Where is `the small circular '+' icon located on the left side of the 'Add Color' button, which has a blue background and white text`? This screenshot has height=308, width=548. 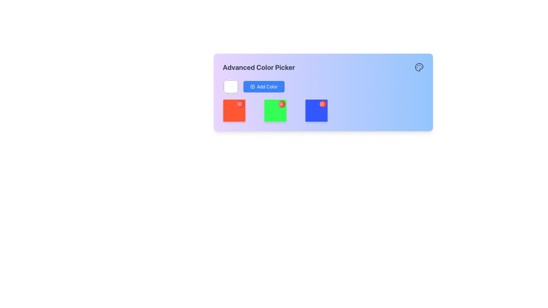 the small circular '+' icon located on the left side of the 'Add Color' button, which has a blue background and white text is located at coordinates (252, 87).